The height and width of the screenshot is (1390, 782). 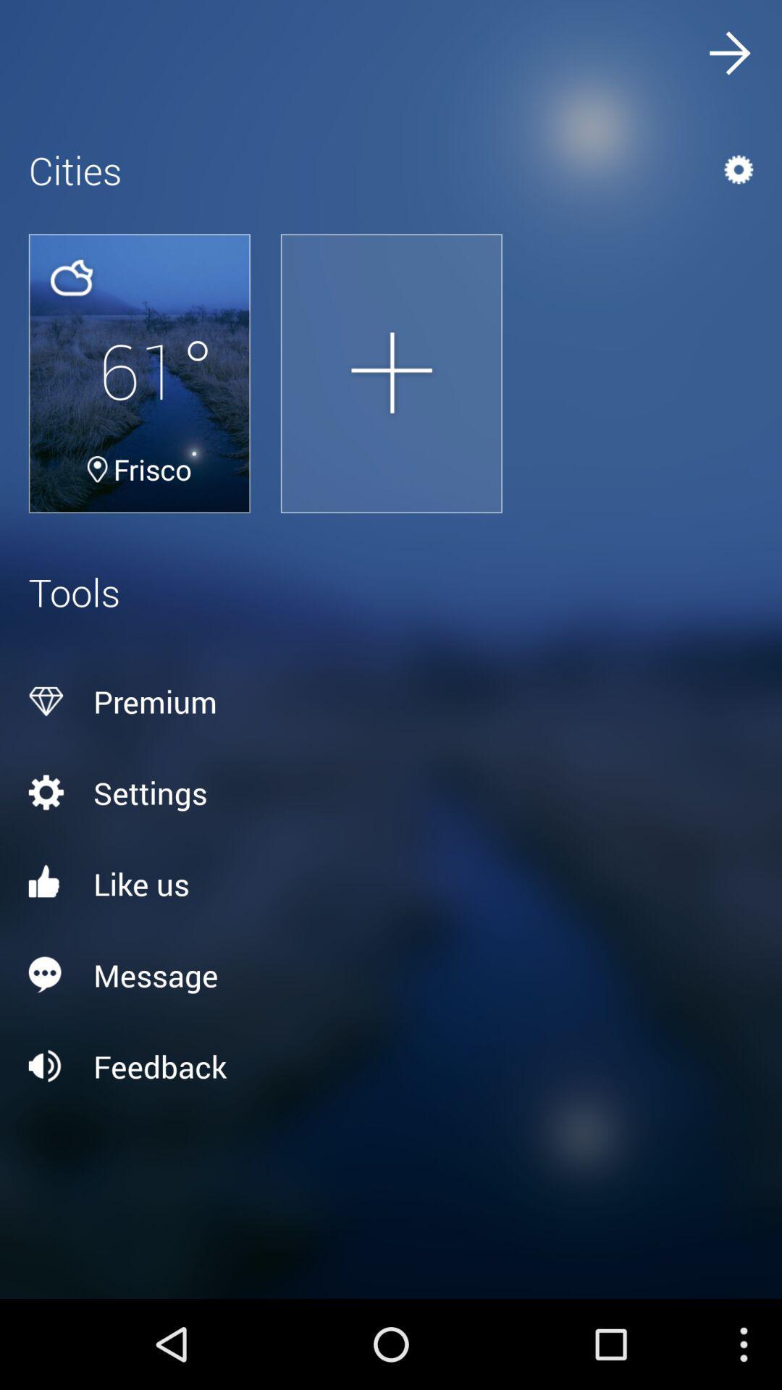 I want to click on the arrow_forward icon, so click(x=728, y=56).